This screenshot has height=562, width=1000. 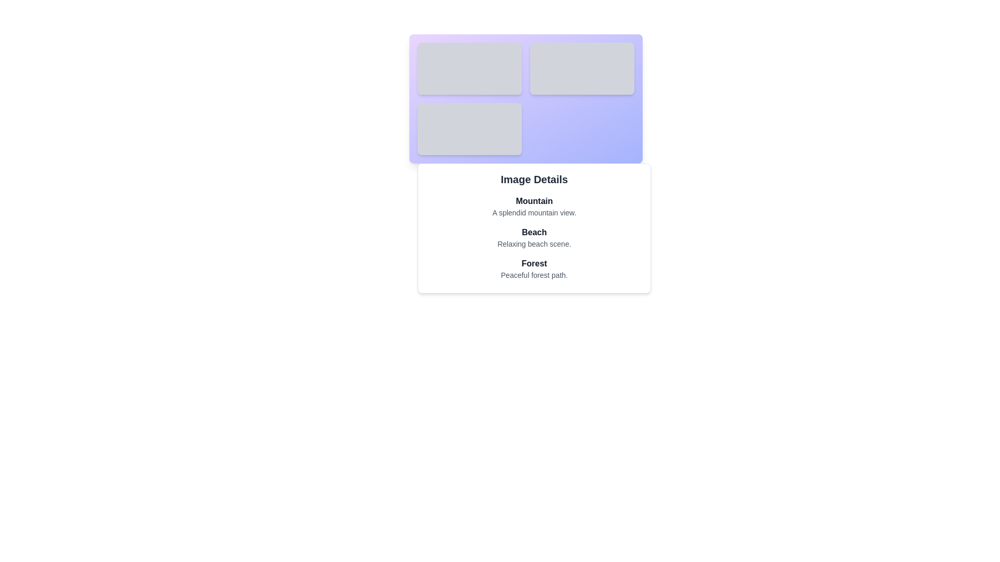 What do you see at coordinates (534, 244) in the screenshot?
I see `the label containing the text 'Relaxing beach scene.' which is located below the bold 'Beach' text in the 'Beach' section` at bounding box center [534, 244].